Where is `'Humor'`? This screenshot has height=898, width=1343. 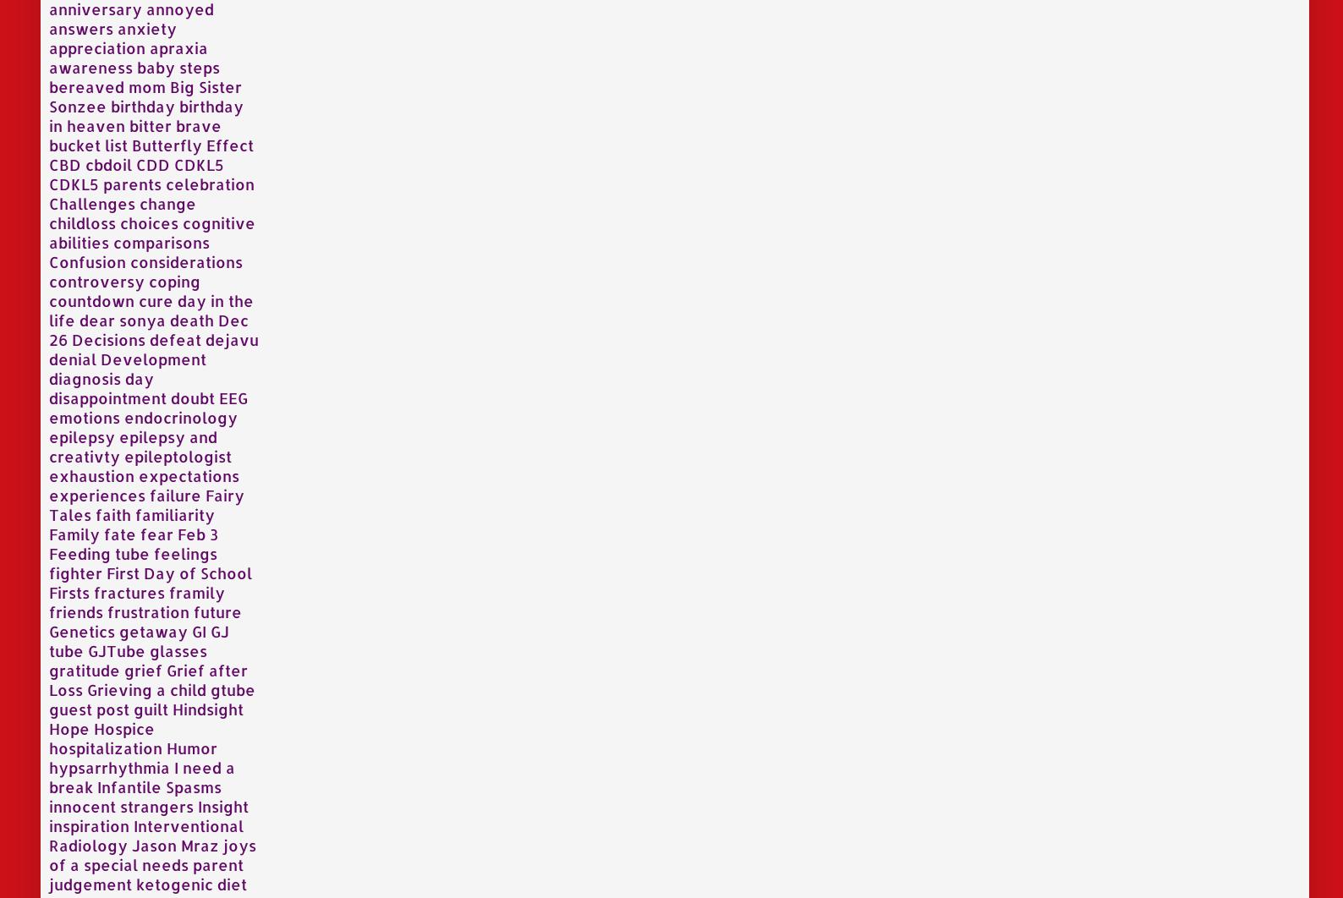
'Humor' is located at coordinates (191, 746).